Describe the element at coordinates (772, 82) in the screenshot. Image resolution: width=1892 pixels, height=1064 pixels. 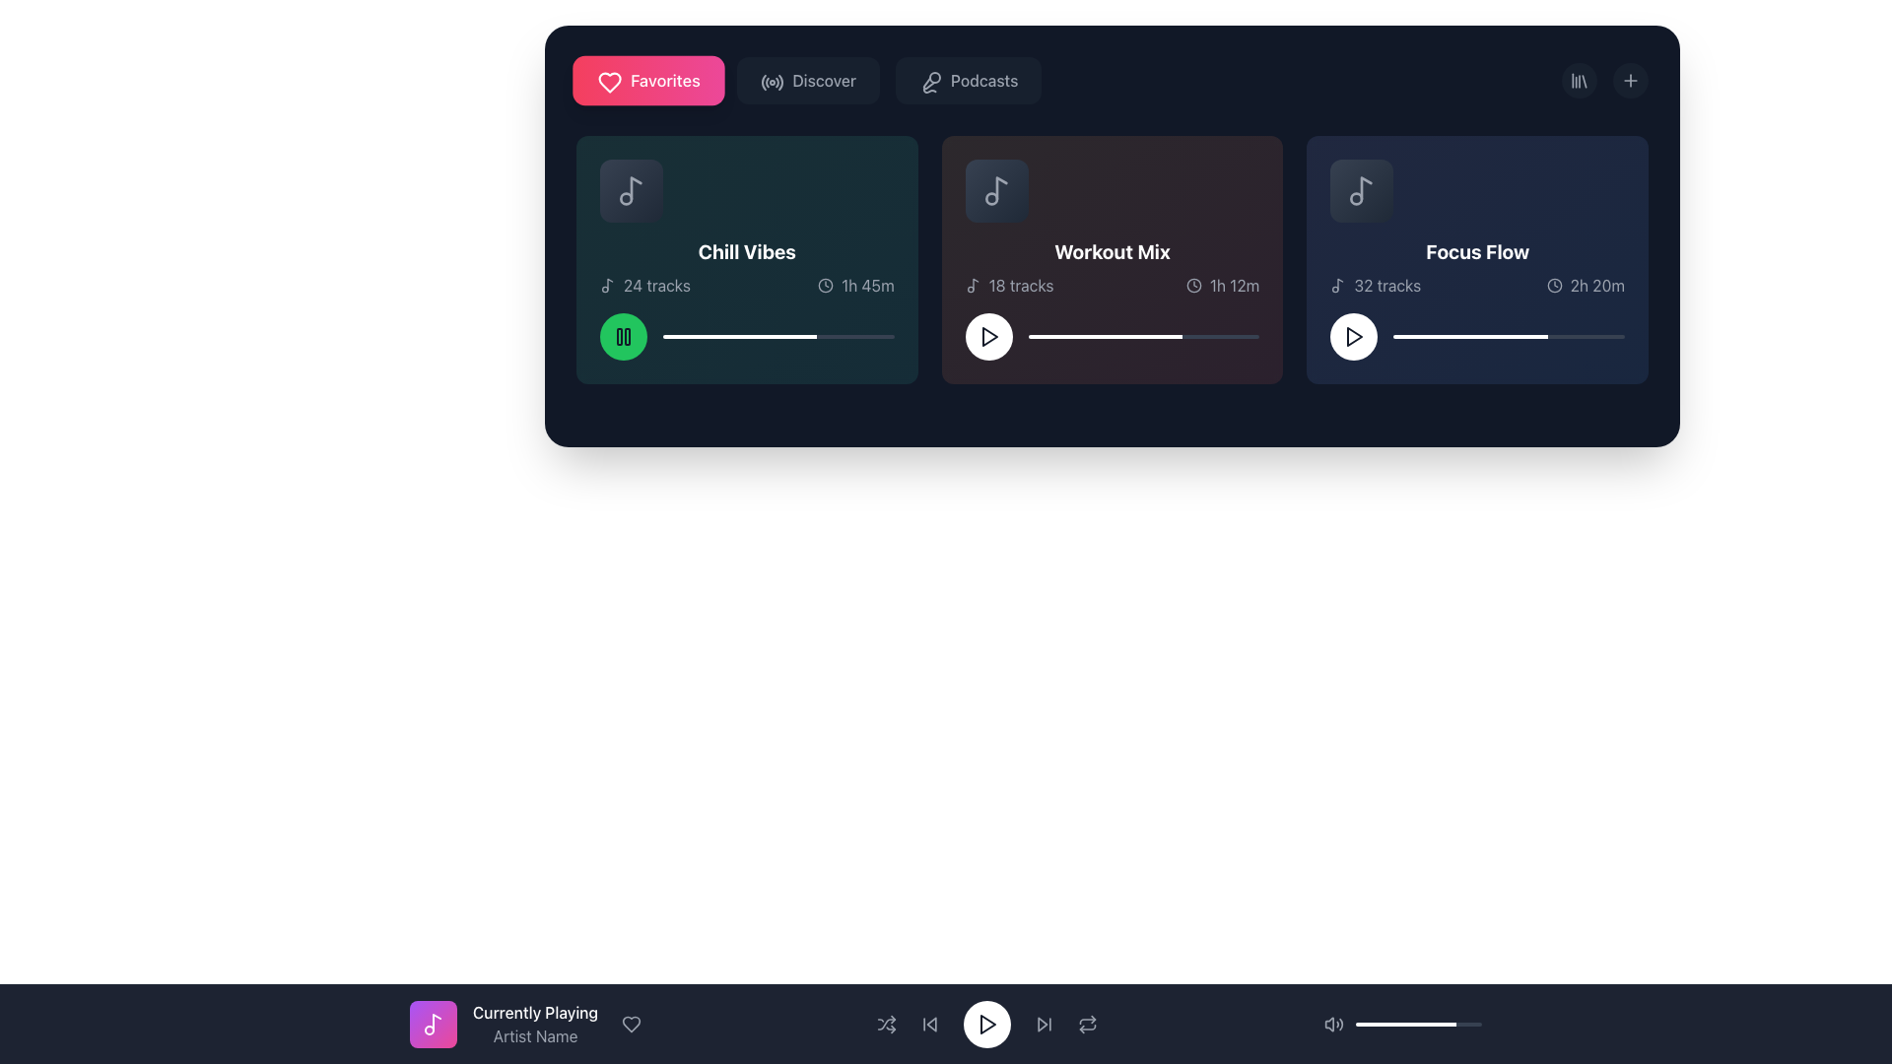
I see `the second circular icon in the navigation bar, which resembles a radio wave symbol` at that location.